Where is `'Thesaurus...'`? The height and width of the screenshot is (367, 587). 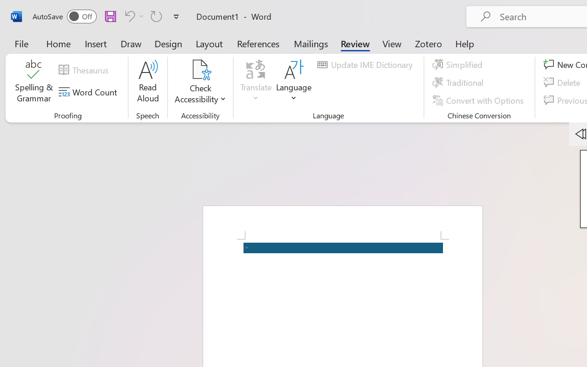 'Thesaurus...' is located at coordinates (85, 70).